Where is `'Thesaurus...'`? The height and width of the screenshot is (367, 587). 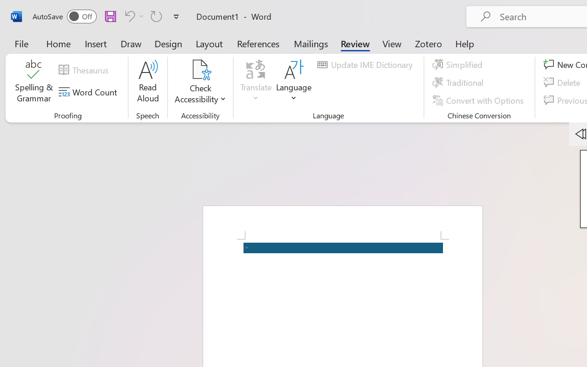 'Thesaurus...' is located at coordinates (85, 70).